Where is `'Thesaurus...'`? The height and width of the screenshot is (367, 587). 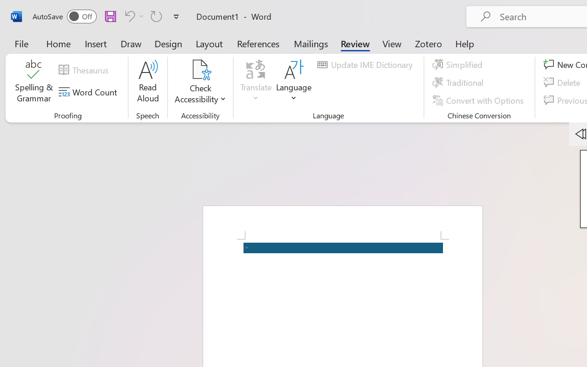 'Thesaurus...' is located at coordinates (85, 70).